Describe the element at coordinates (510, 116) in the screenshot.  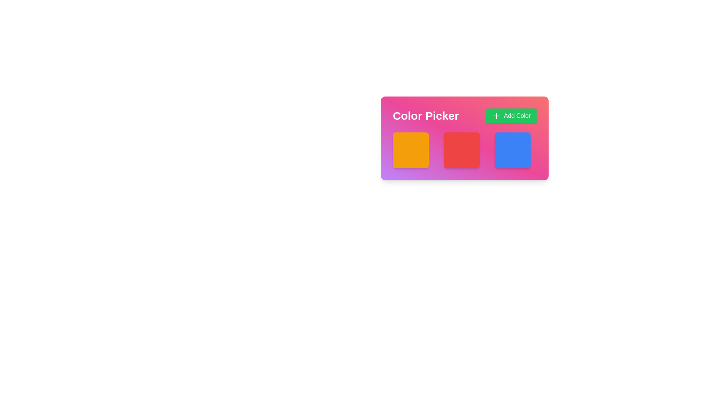
I see `the green 'Add Color' button with rounded corners and a white plus icon` at that location.